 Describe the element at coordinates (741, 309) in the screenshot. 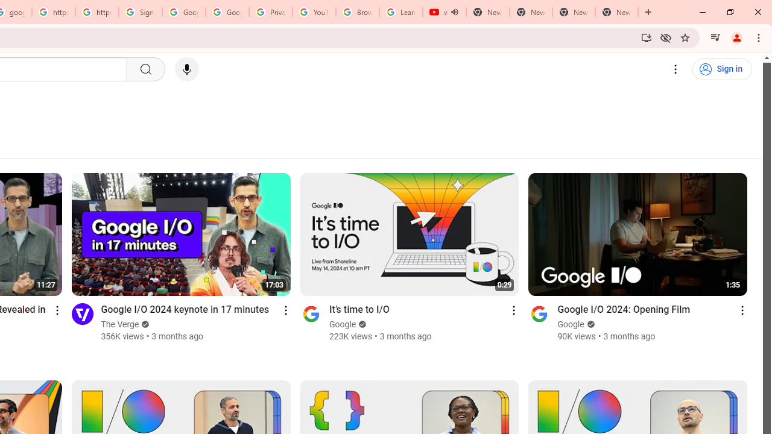

I see `'Action menu'` at that location.